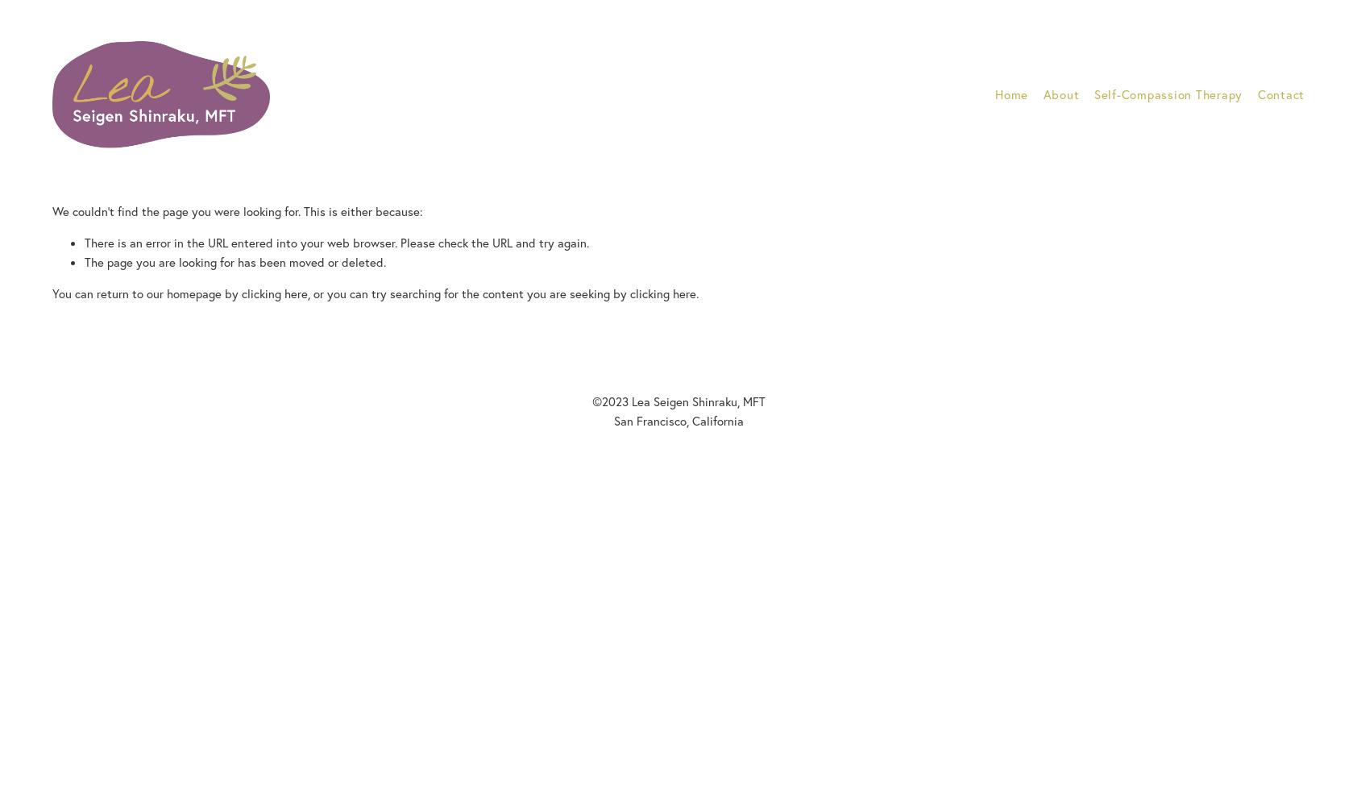  What do you see at coordinates (235, 260) in the screenshot?
I see `'The page you are looking for has been moved or deleted.'` at bounding box center [235, 260].